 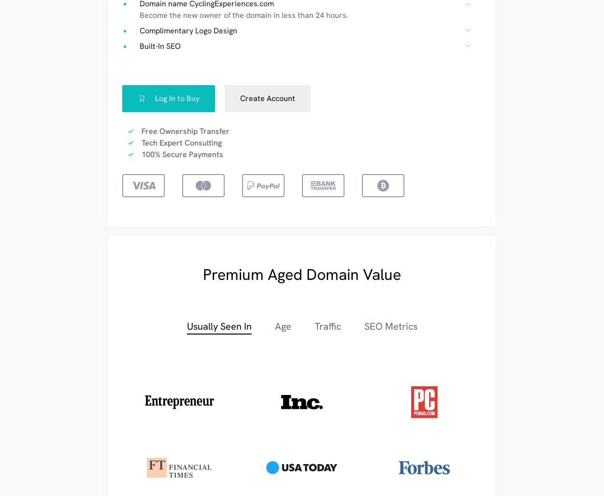 What do you see at coordinates (327, 325) in the screenshot?
I see `'Traffic'` at bounding box center [327, 325].